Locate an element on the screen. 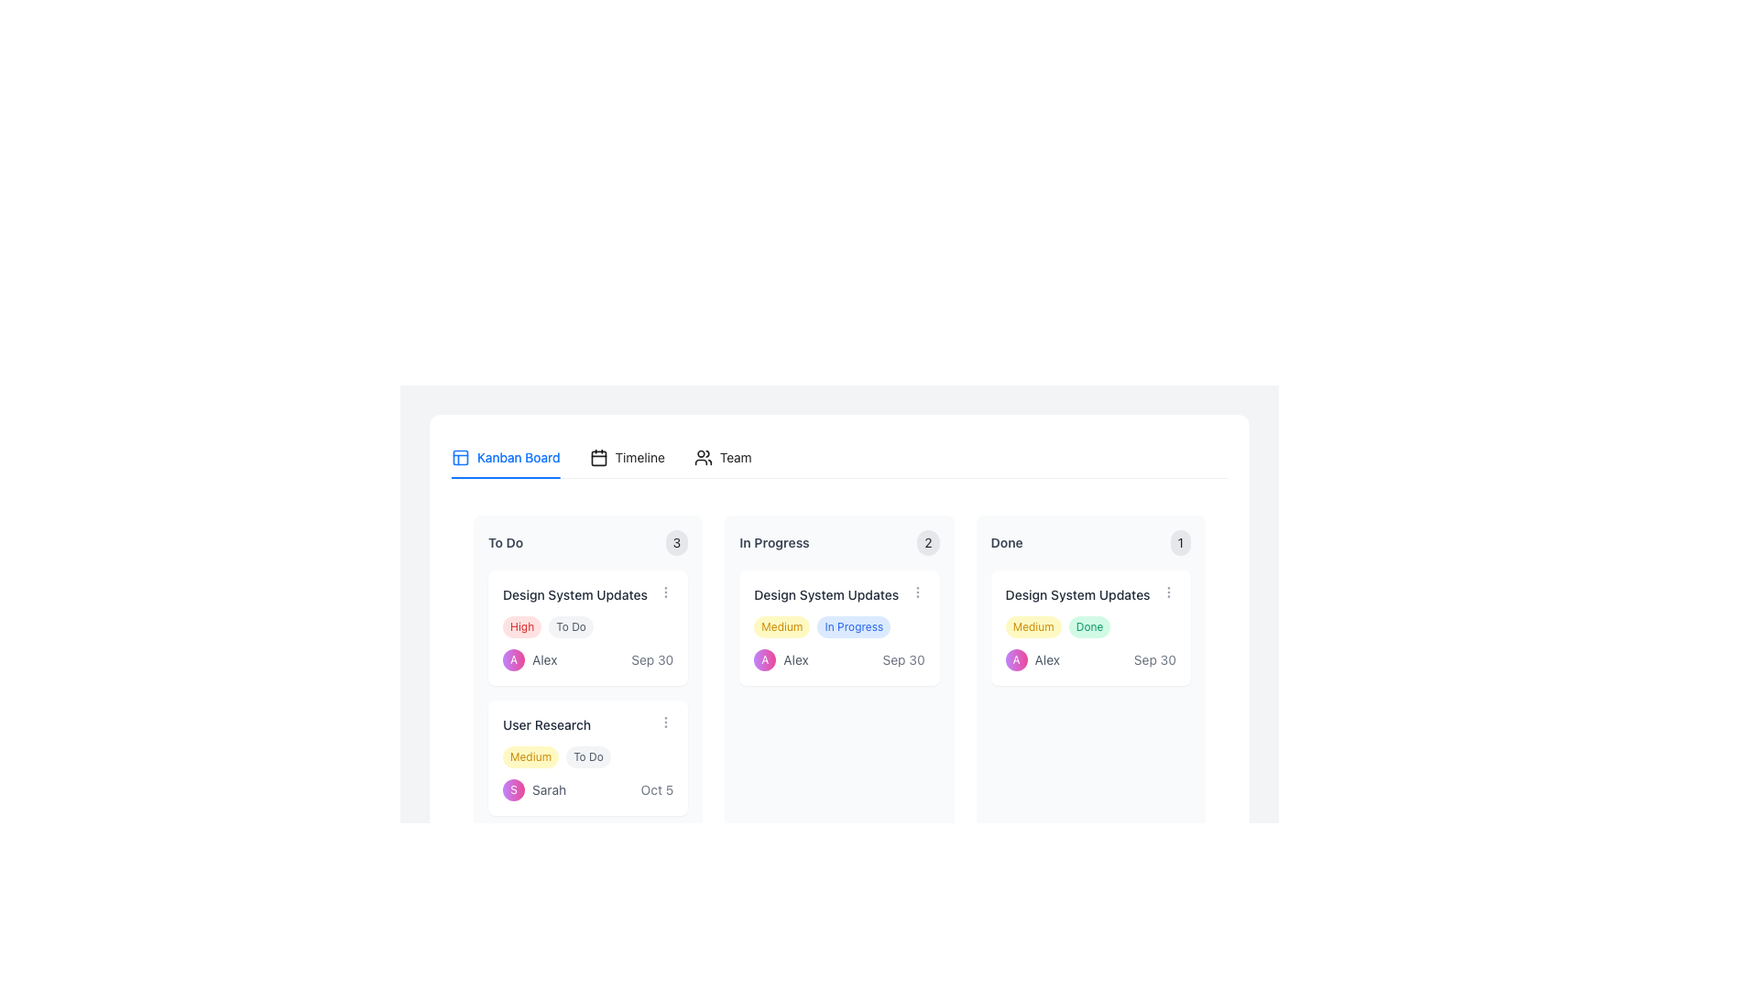 The height and width of the screenshot is (989, 1759). the group of people icon in the top navigation bar, which is located directly next to the 'Team' label is located at coordinates (702, 457).